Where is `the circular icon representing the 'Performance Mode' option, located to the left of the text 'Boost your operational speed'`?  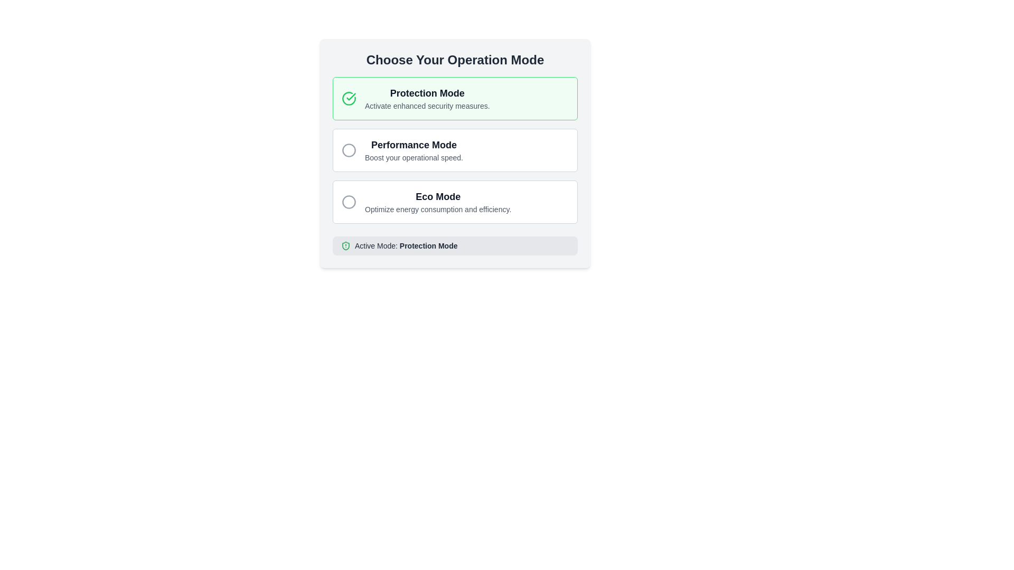 the circular icon representing the 'Performance Mode' option, located to the left of the text 'Boost your operational speed' is located at coordinates (349, 150).